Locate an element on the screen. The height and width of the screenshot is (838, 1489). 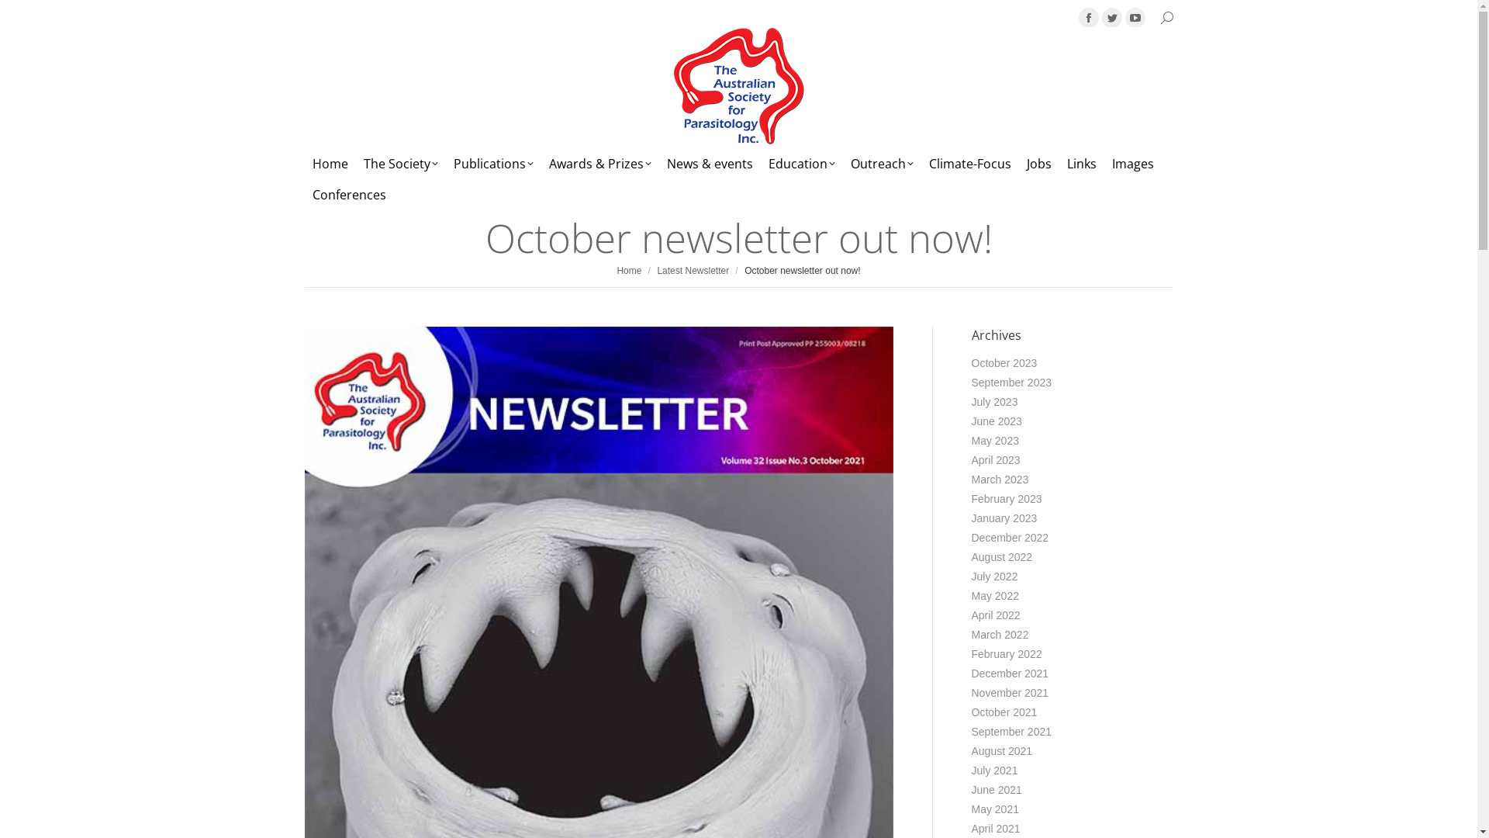
'Facebook page opens in new window' is located at coordinates (1087, 18).